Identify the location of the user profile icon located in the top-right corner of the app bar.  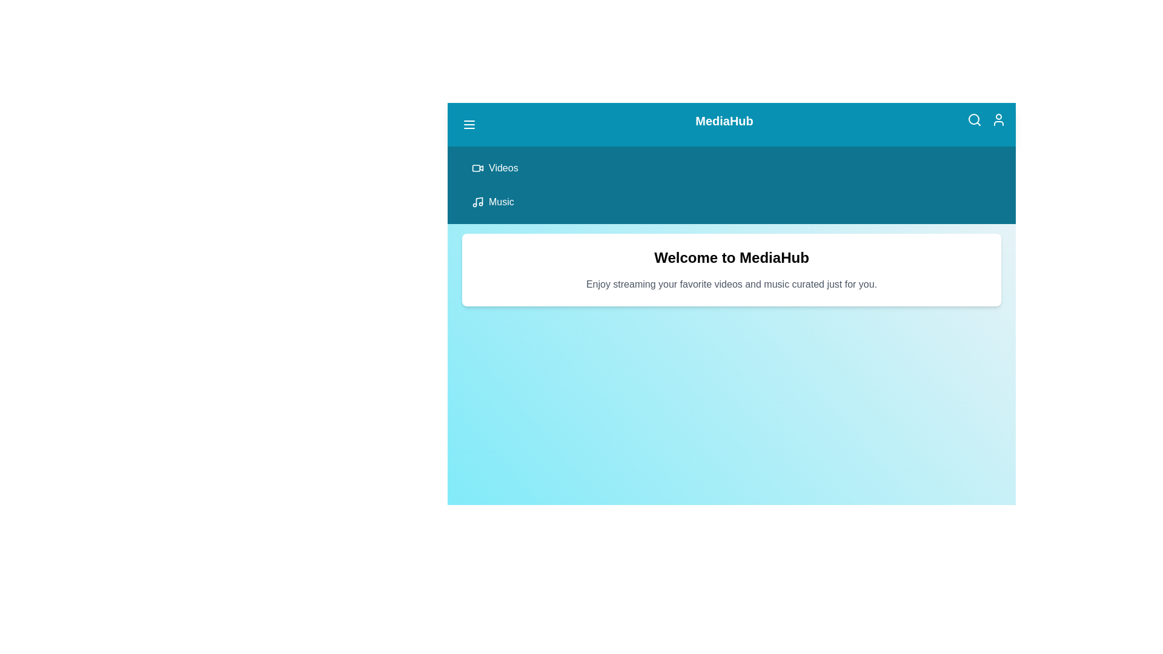
(999, 119).